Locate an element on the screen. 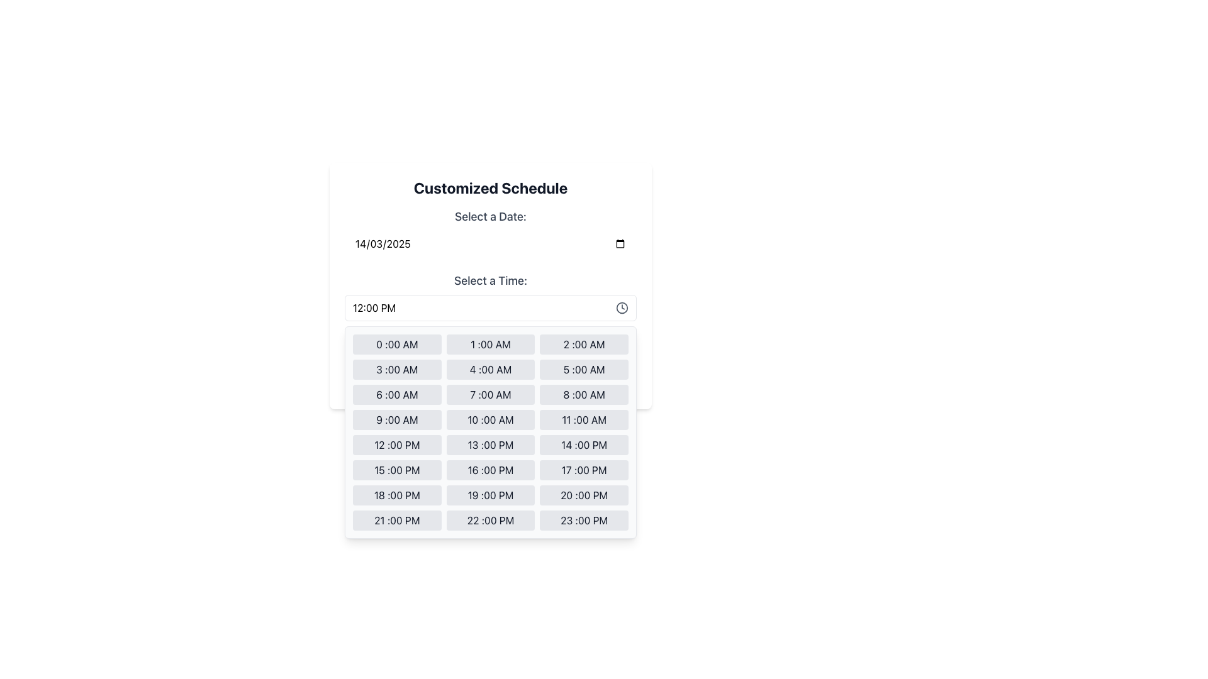 The image size is (1208, 679). largest circular component of the clock icon, which serves as the outline of the clock's face, for debugging by clicking on its center is located at coordinates (622, 307).